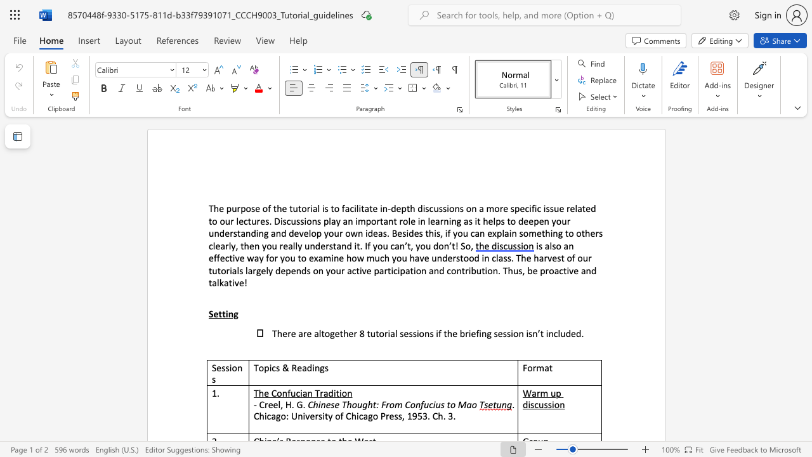  I want to click on the 1th character "r" in the text, so click(343, 270).